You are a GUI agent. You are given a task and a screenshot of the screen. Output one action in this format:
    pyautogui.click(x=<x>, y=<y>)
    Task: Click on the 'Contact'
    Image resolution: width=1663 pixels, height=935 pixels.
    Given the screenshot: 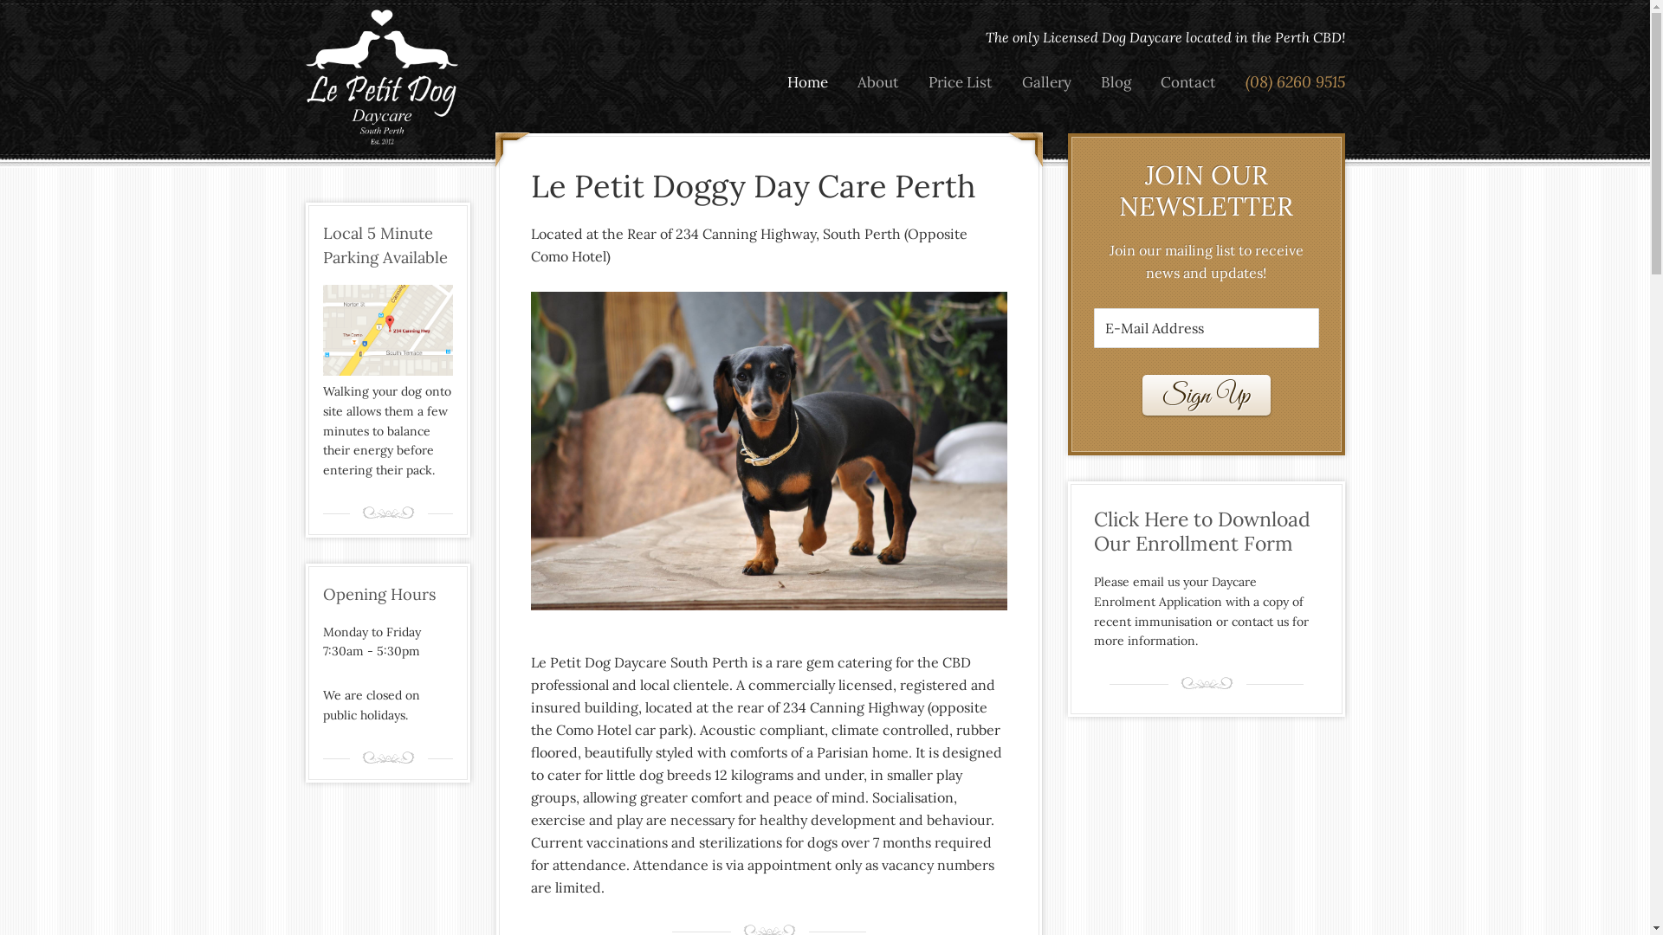 What is the action you would take?
    pyautogui.click(x=1147, y=82)
    